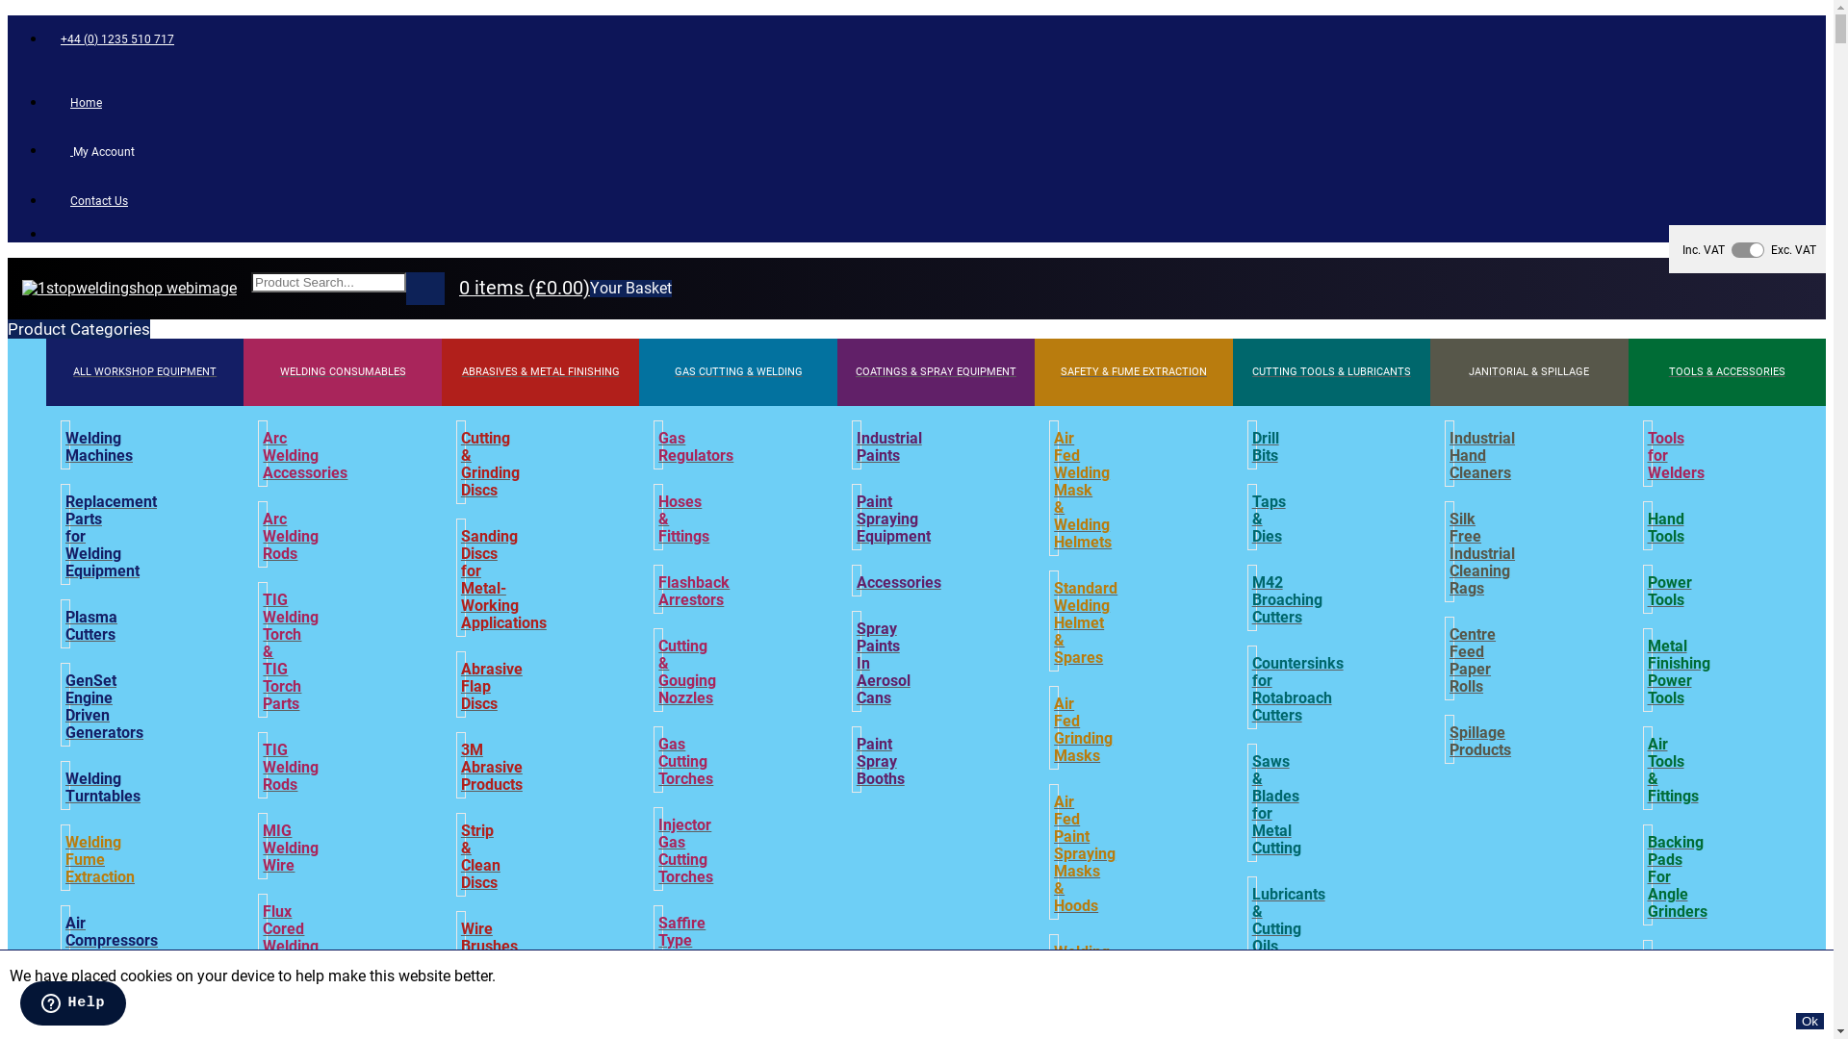  Describe the element at coordinates (1289, 919) in the screenshot. I see `'Lubricants & Cutting Oils'` at that location.